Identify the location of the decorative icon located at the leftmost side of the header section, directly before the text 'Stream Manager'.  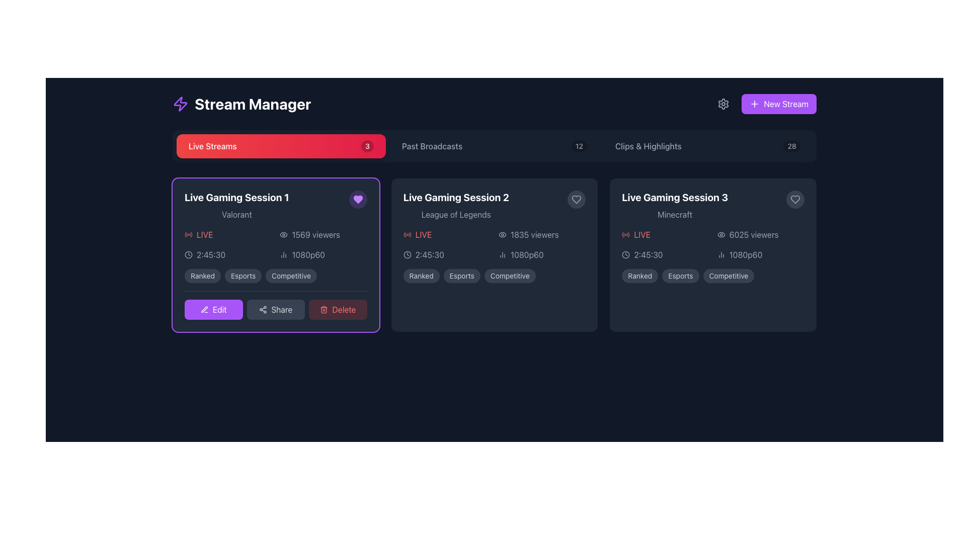
(181, 104).